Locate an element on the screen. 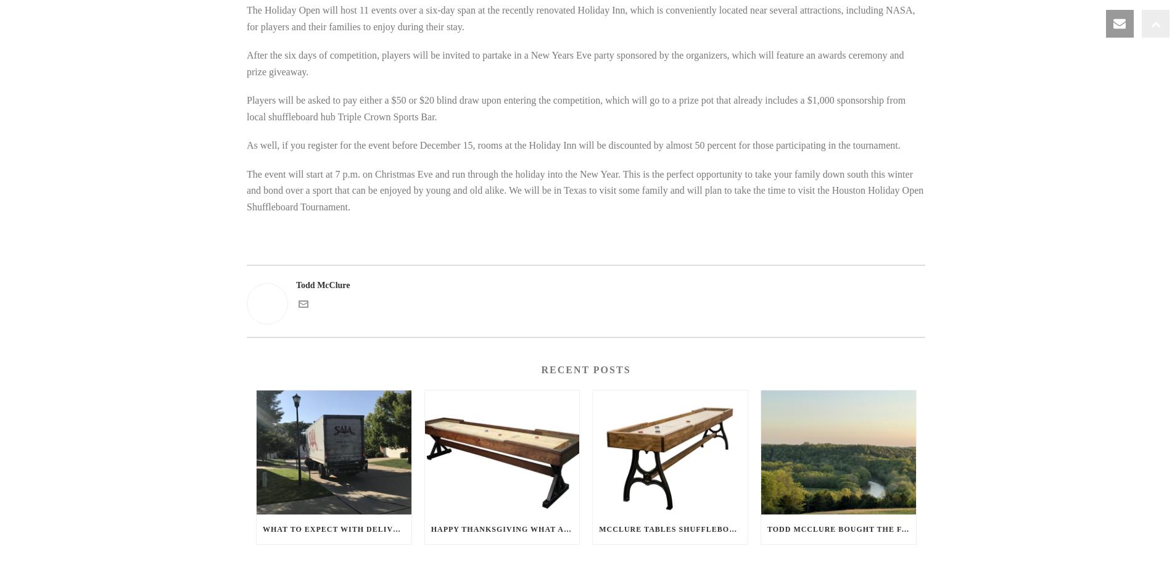  'The event will start at 7 p.m. on Christmas Eve and run through the holiday into the New Year. This is the perfect opportunity to take your family down south this winter and bond over a sport that can be enjoyed by young and old alike. We will be in Texas to visit some family and will plan to take the time to visit the Houston Holiday Open Shuffleboard Tournament.' is located at coordinates (584, 189).